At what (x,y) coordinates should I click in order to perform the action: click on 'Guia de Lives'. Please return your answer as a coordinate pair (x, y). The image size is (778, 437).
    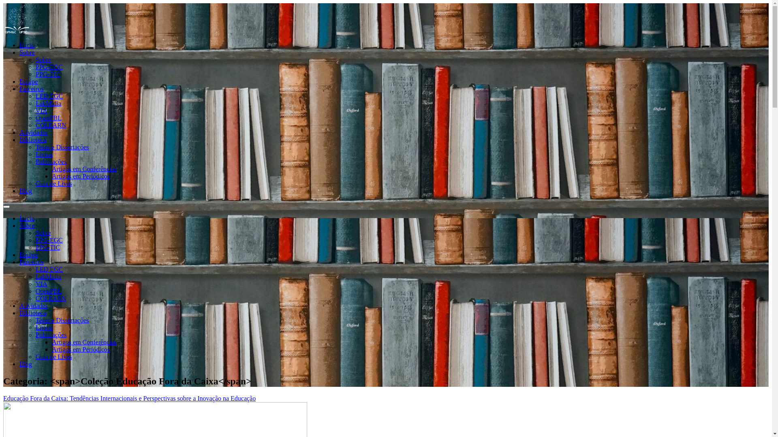
    Looking at the image, I should click on (53, 356).